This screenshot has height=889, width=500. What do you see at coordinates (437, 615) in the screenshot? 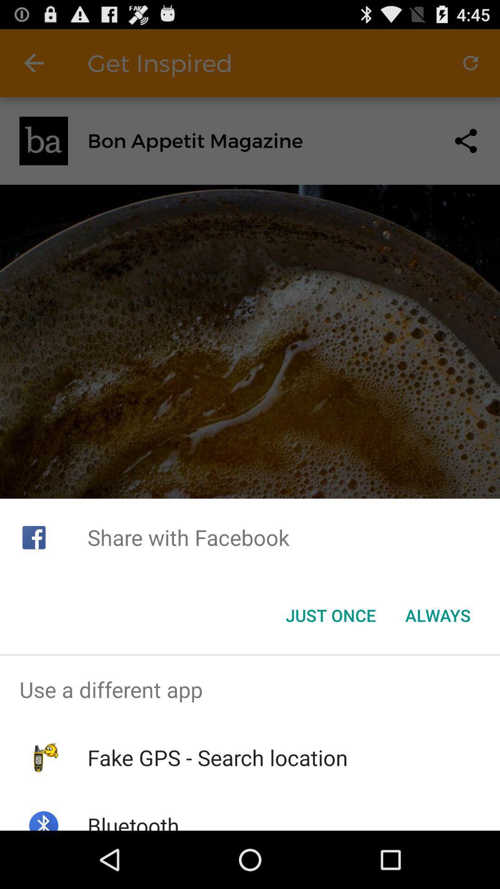
I see `item next to the just once` at bounding box center [437, 615].